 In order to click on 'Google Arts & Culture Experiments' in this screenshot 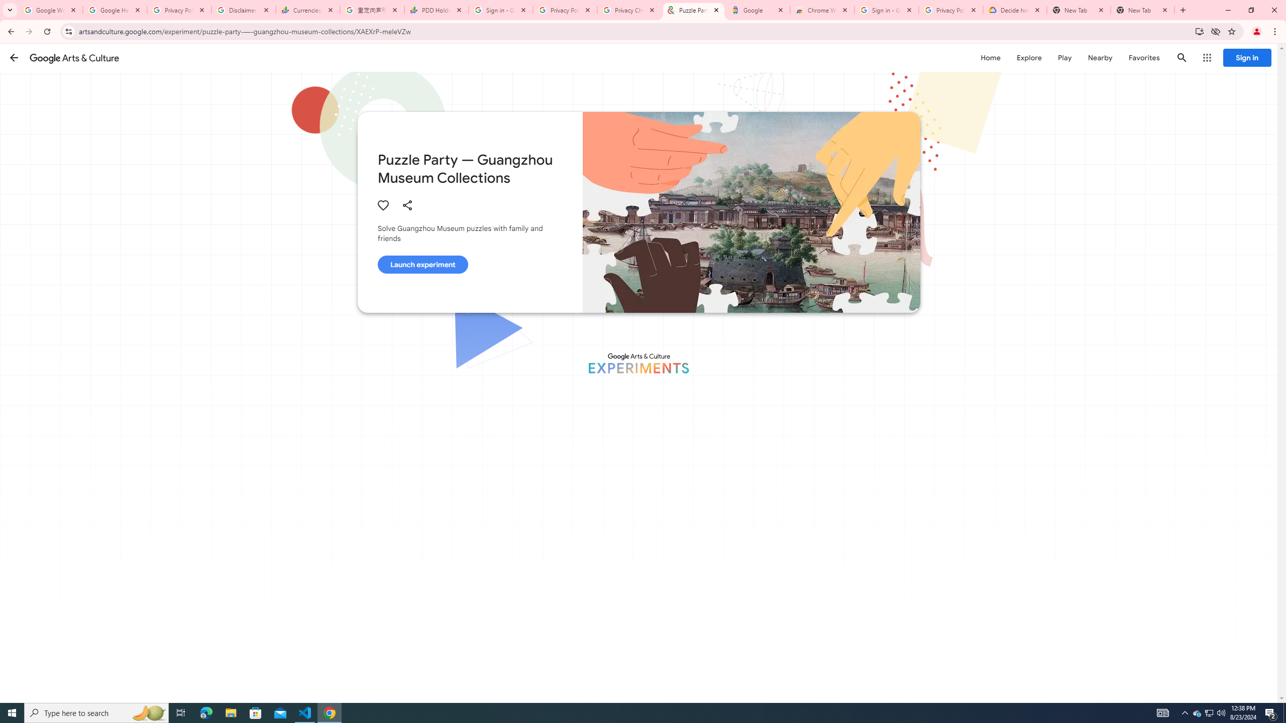, I will do `click(638, 363)`.